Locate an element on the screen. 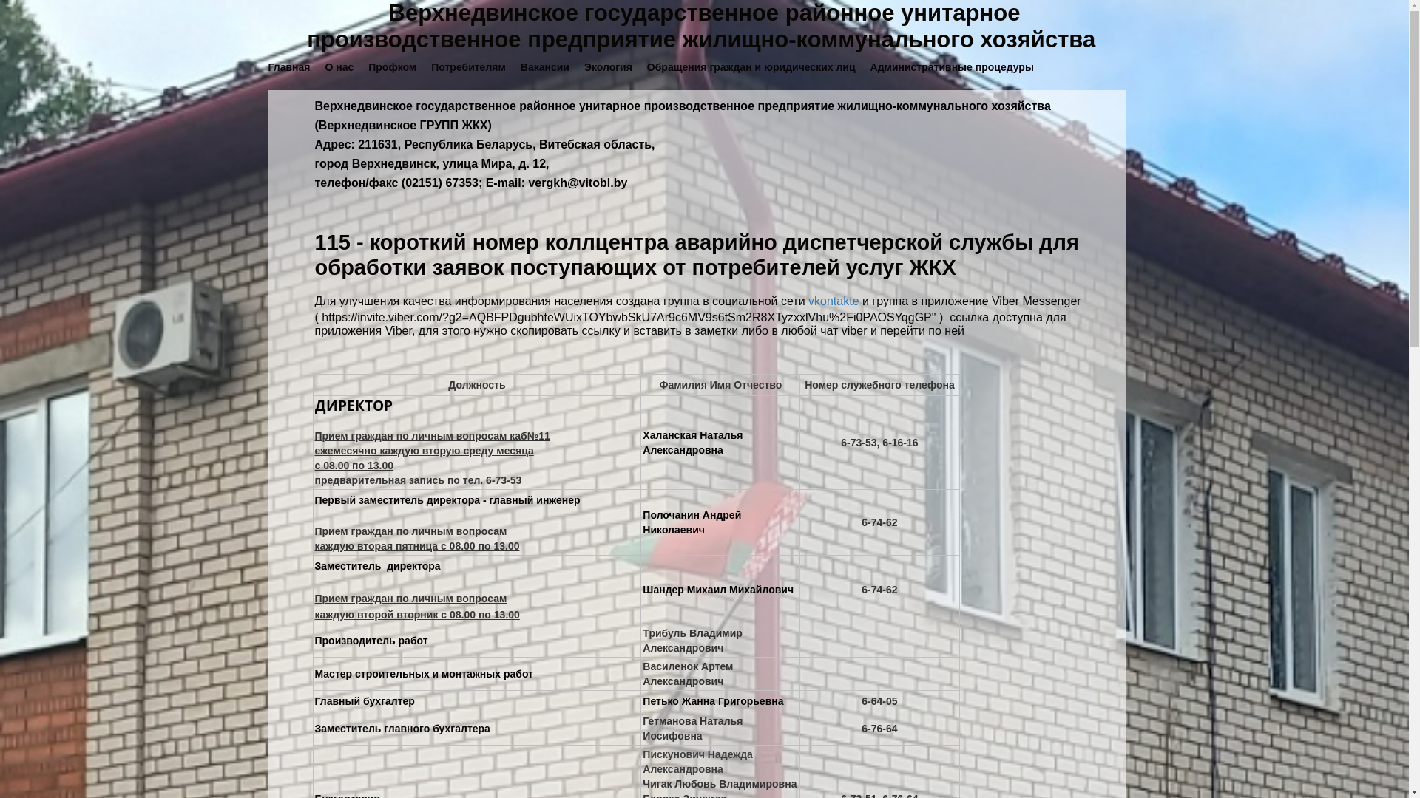 Image resolution: width=1420 pixels, height=798 pixels. 'vkontakte' is located at coordinates (808, 300).